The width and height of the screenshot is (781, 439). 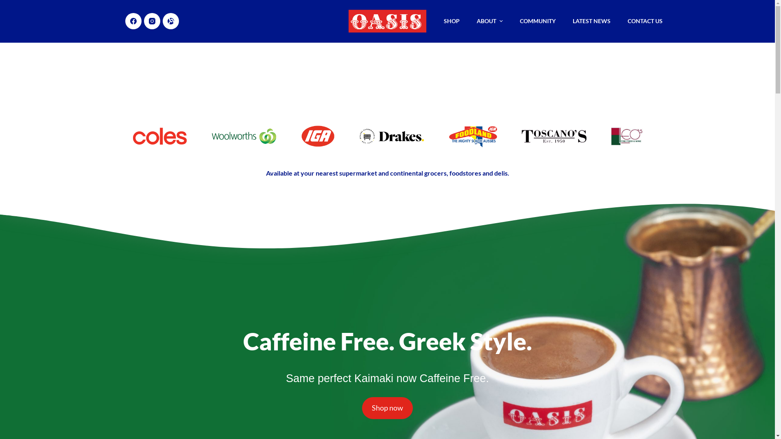 What do you see at coordinates (489, 20) in the screenshot?
I see `'ABOUT'` at bounding box center [489, 20].